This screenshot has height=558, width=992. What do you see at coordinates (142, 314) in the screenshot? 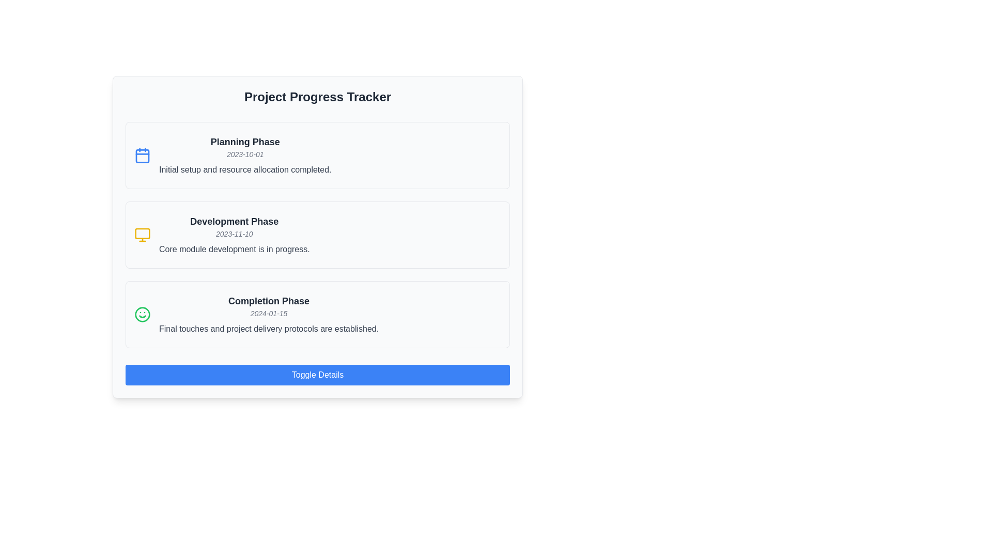
I see `the circular SVG element located within the smiley face icon in the 'Completion Phase' of the 'Project Progress Tracker'` at bounding box center [142, 314].